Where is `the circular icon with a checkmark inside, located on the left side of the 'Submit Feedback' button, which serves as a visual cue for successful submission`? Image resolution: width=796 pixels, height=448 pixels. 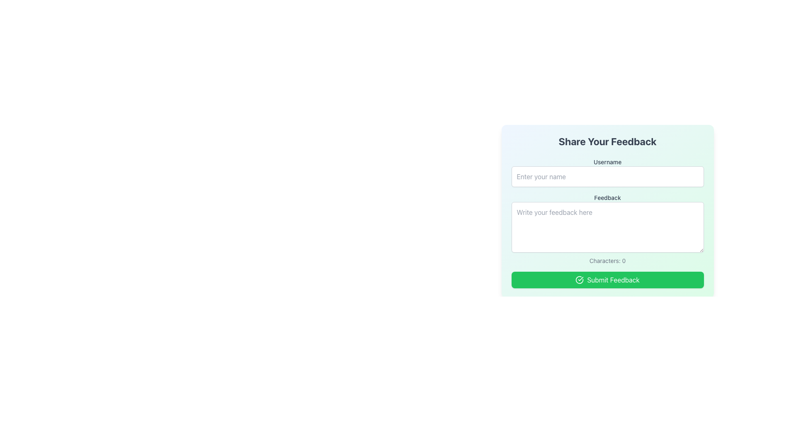 the circular icon with a checkmark inside, located on the left side of the 'Submit Feedback' button, which serves as a visual cue for successful submission is located at coordinates (579, 280).